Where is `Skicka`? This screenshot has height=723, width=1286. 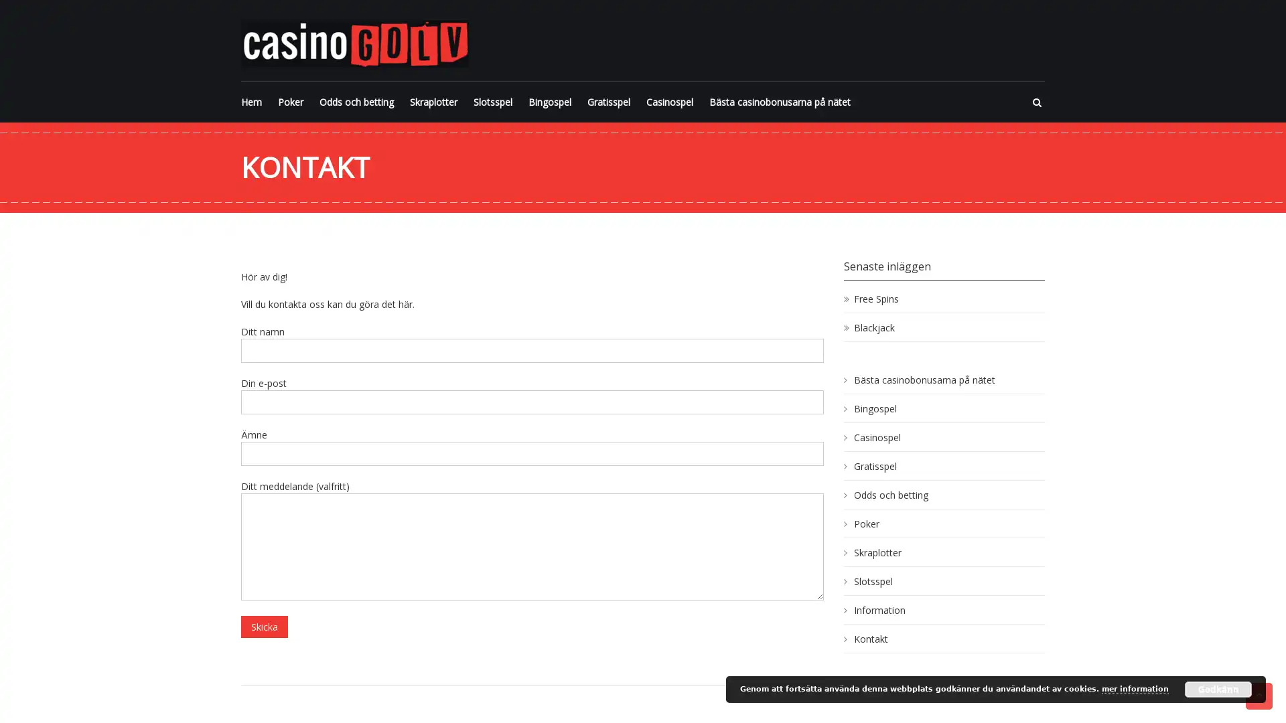
Skicka is located at coordinates (264, 627).